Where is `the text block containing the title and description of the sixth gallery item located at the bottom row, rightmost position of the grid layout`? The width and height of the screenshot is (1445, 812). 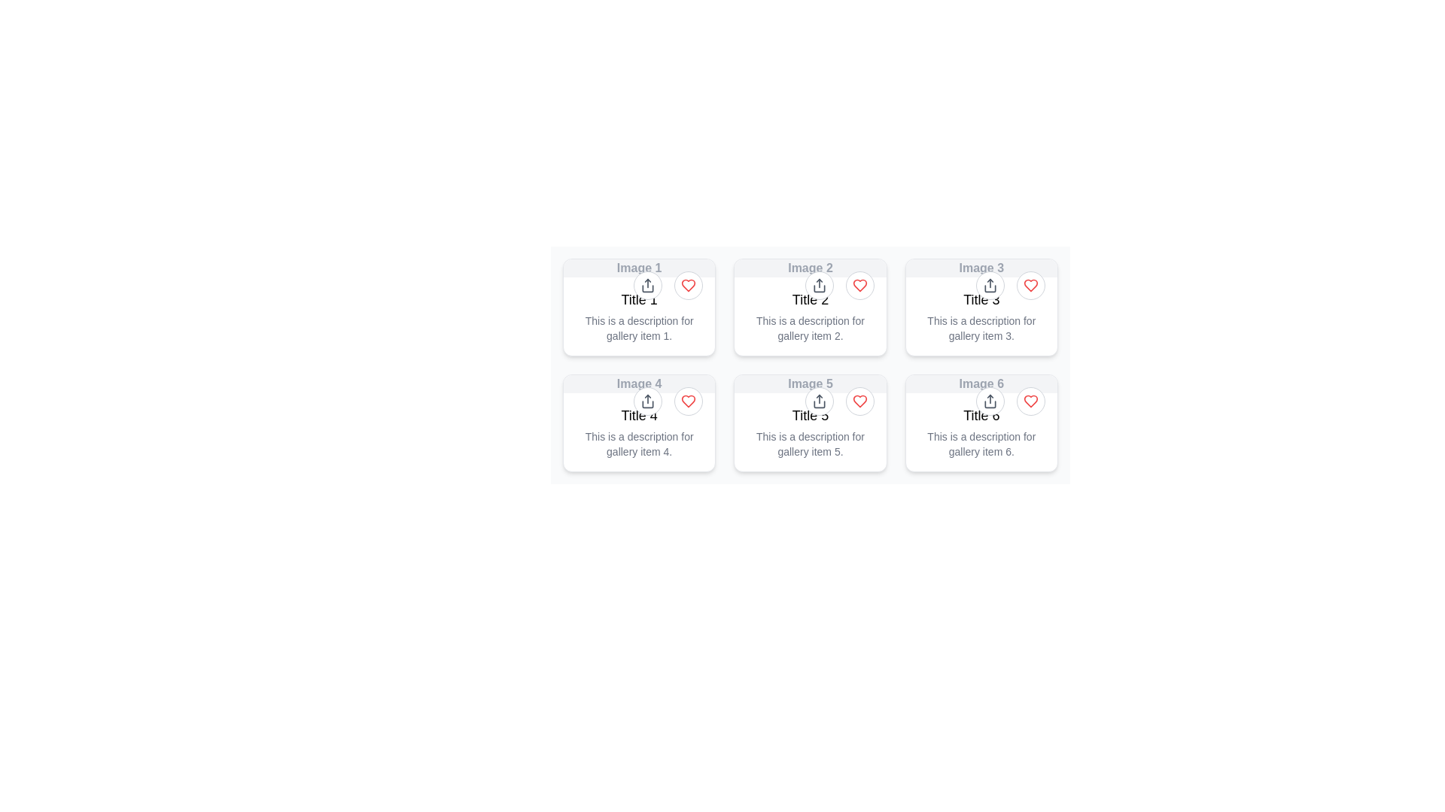 the text block containing the title and description of the sixth gallery item located at the bottom row, rightmost position of the grid layout is located at coordinates (981, 432).